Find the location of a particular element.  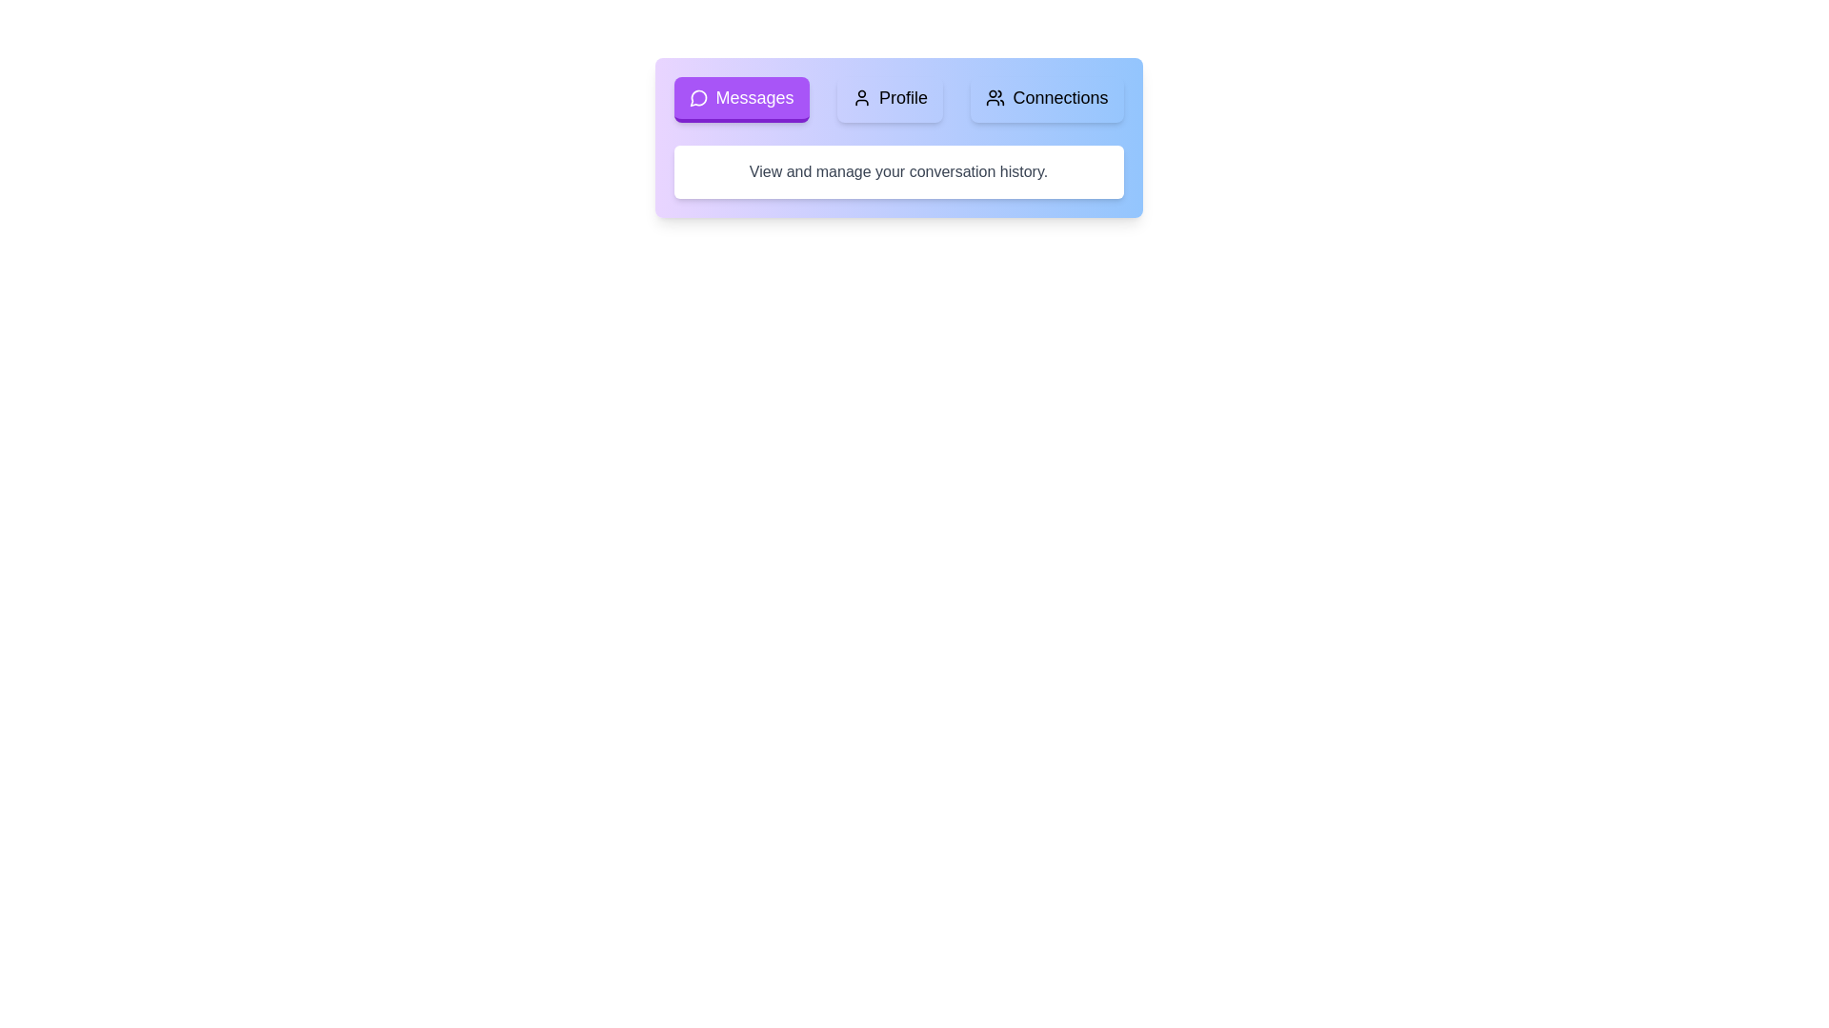

the static text label displaying 'Profile' in the navigation bar, which is positioned between 'Messages' and 'Connections' is located at coordinates (902, 98).